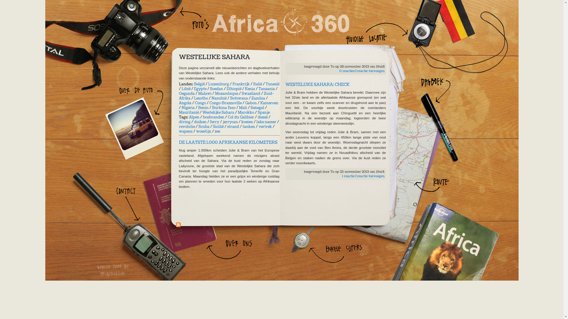 This screenshot has width=568, height=319. I want to click on 'Oeganda', so click(186, 93).